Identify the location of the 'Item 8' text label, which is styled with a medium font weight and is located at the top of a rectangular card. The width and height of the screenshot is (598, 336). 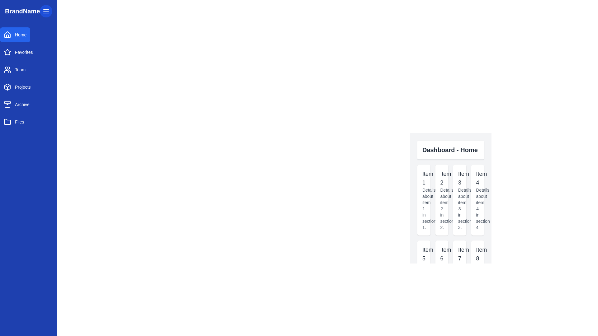
(477, 254).